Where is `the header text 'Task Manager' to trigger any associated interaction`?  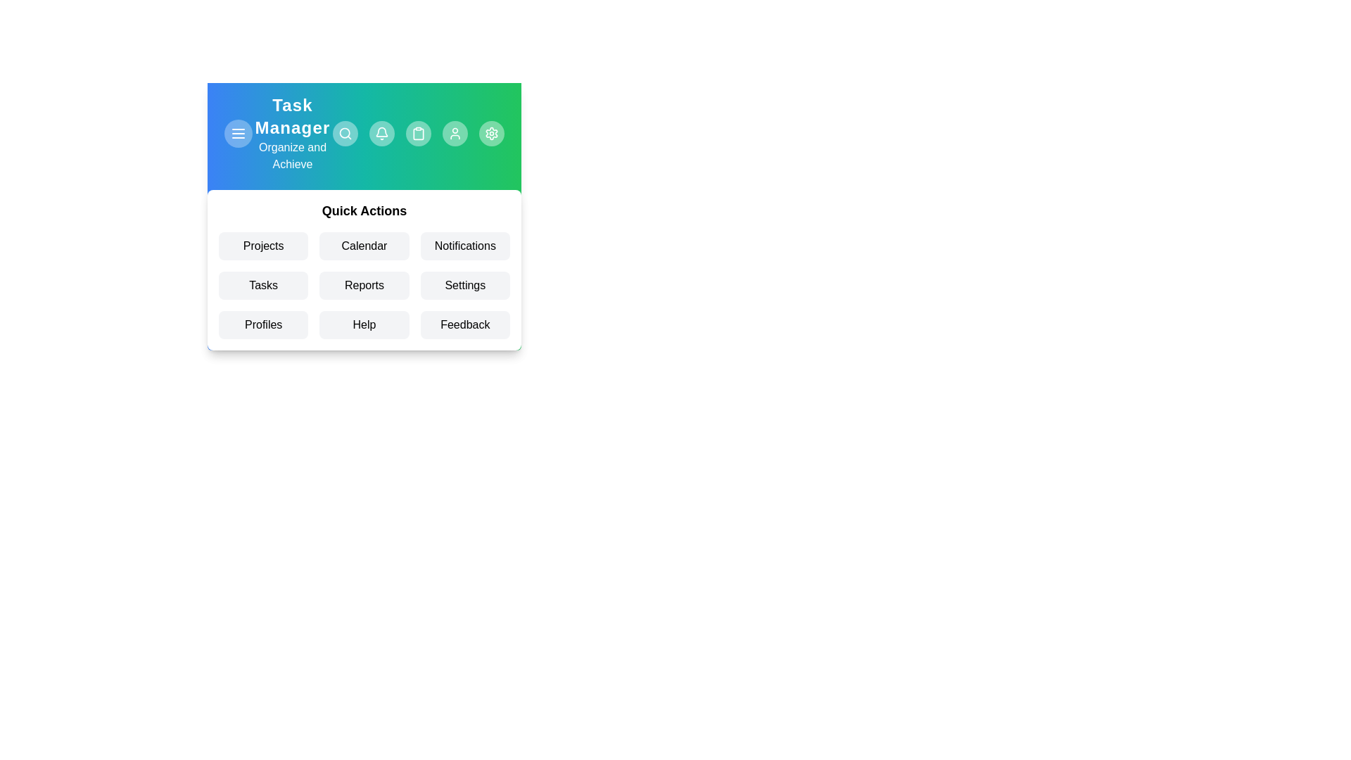
the header text 'Task Manager' to trigger any associated interaction is located at coordinates (292, 115).